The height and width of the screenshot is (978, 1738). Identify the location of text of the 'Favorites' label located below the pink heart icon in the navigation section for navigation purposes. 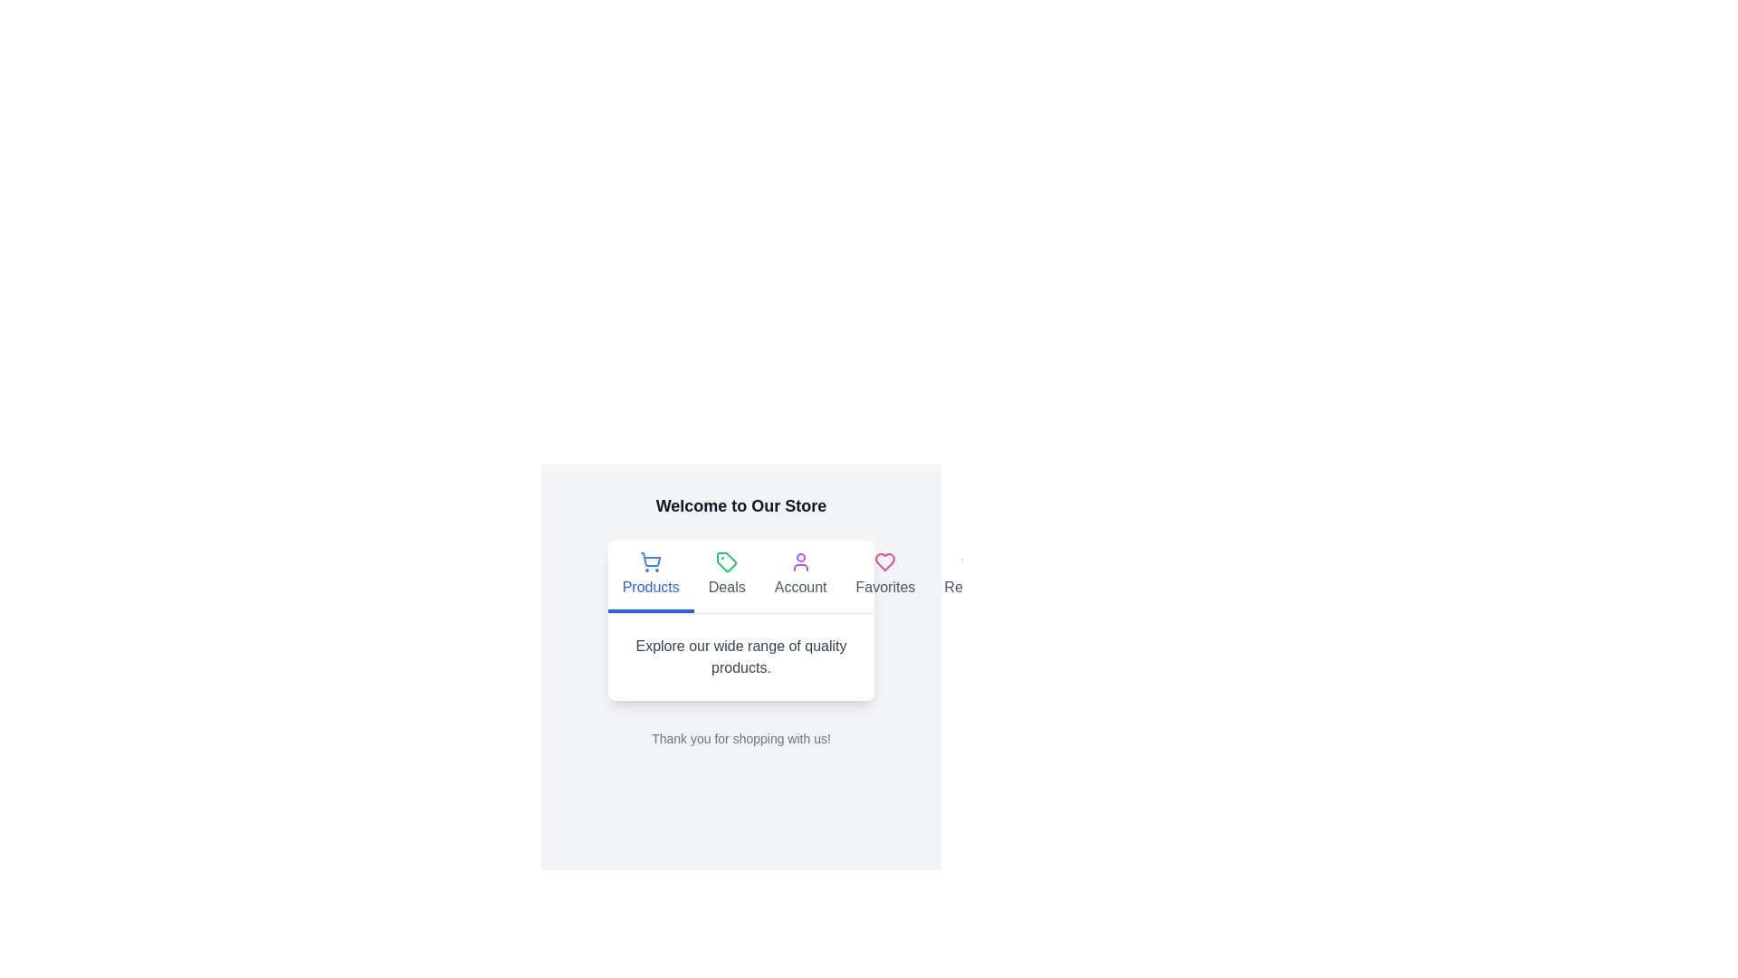
(885, 587).